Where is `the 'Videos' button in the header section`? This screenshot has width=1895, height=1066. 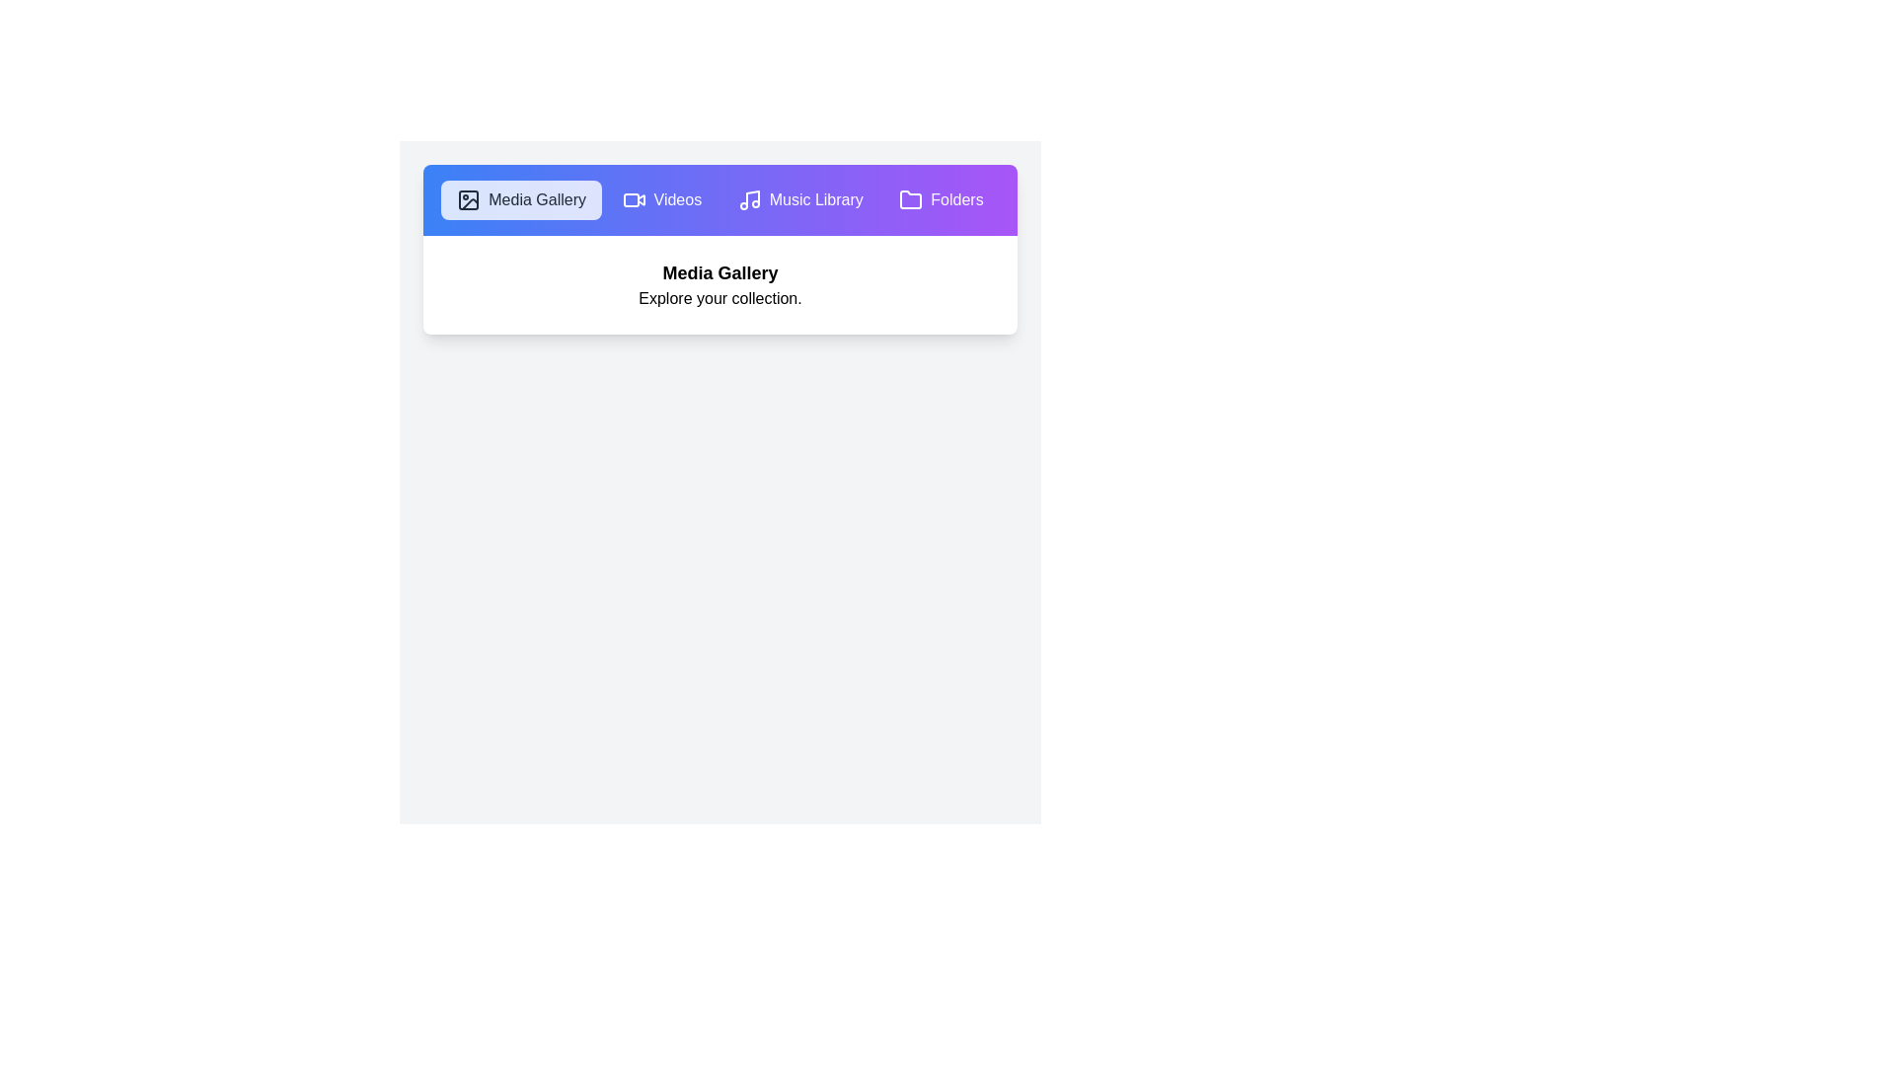
the 'Videos' button in the header section is located at coordinates (661, 200).